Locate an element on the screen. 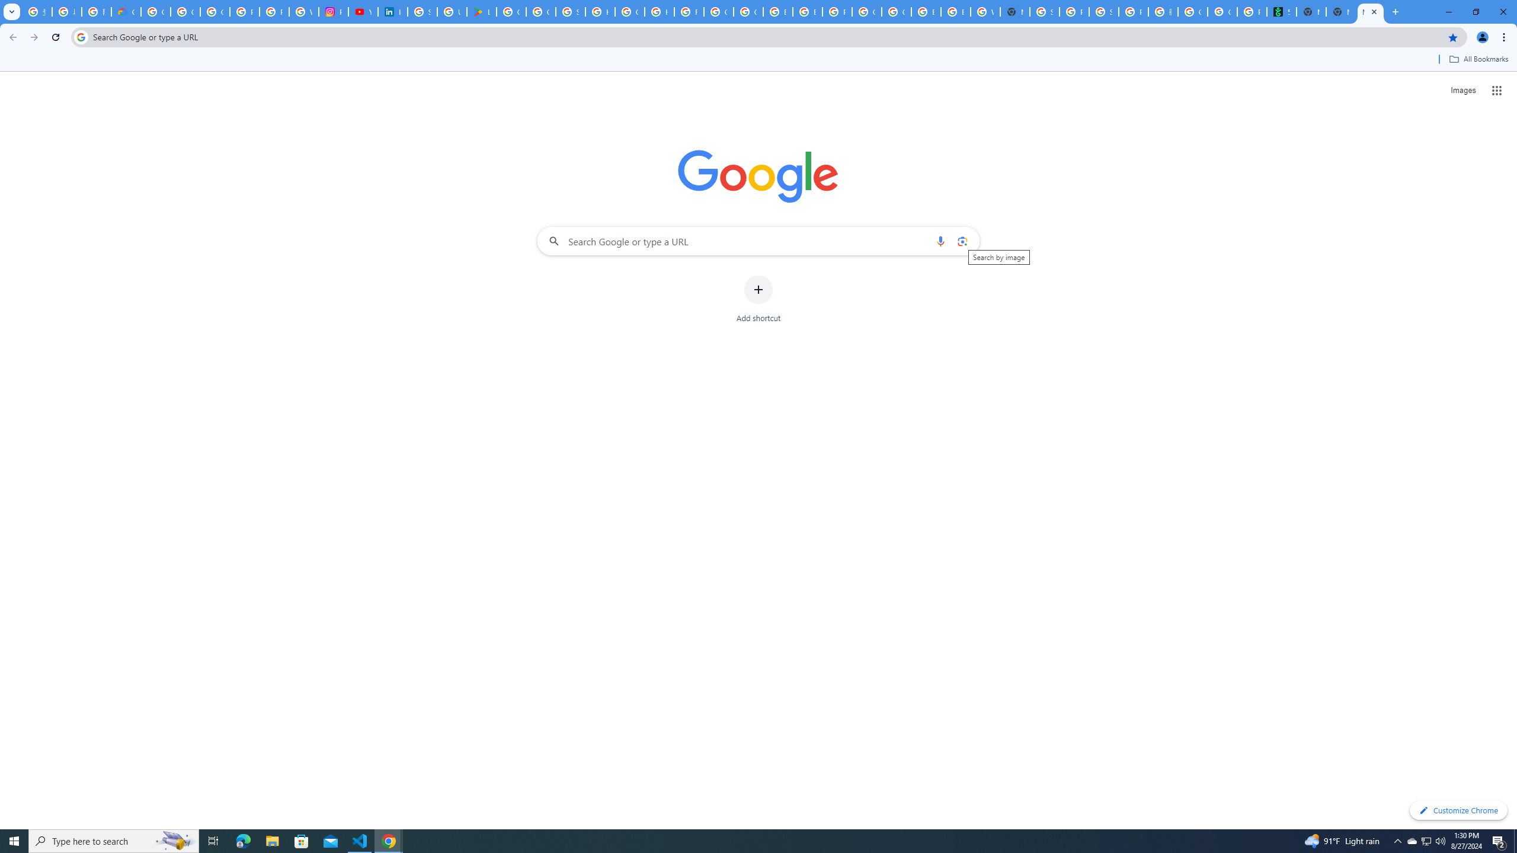 The height and width of the screenshot is (853, 1517). 'Google Workspace - Specific Terms' is located at coordinates (540, 11).